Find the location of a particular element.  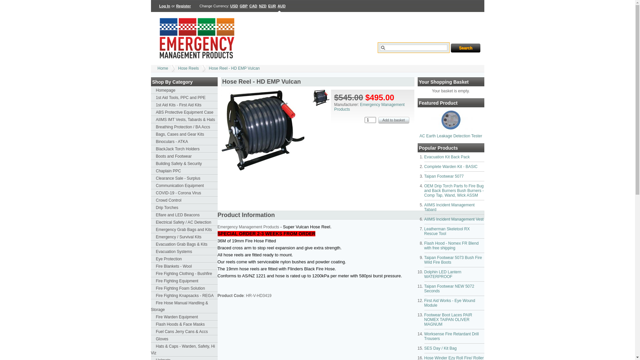

'NZD' is located at coordinates (262, 6).